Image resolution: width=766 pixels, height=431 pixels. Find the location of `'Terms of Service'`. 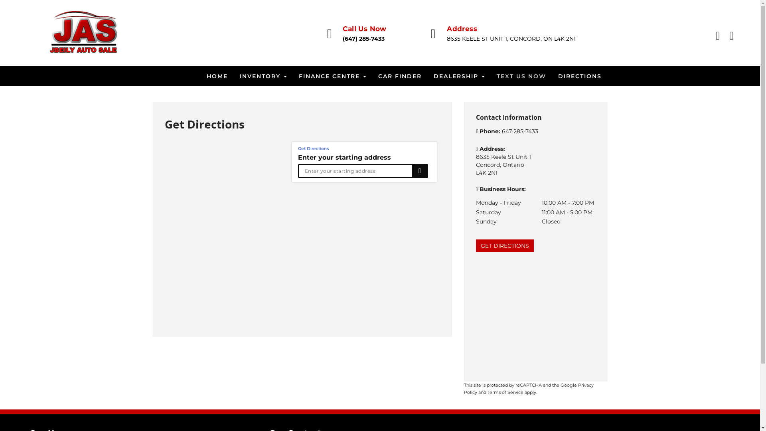

'Terms of Service' is located at coordinates (505, 392).